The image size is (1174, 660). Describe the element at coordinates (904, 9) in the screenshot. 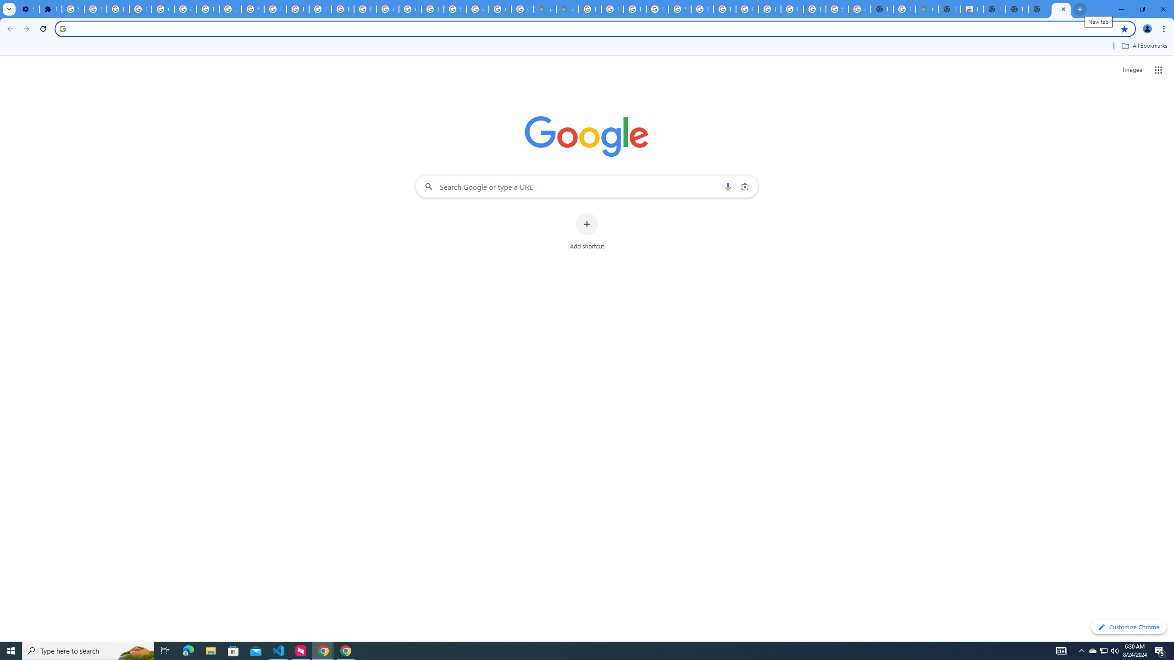

I see `'Explore new street-level details - Google Maps Help'` at that location.